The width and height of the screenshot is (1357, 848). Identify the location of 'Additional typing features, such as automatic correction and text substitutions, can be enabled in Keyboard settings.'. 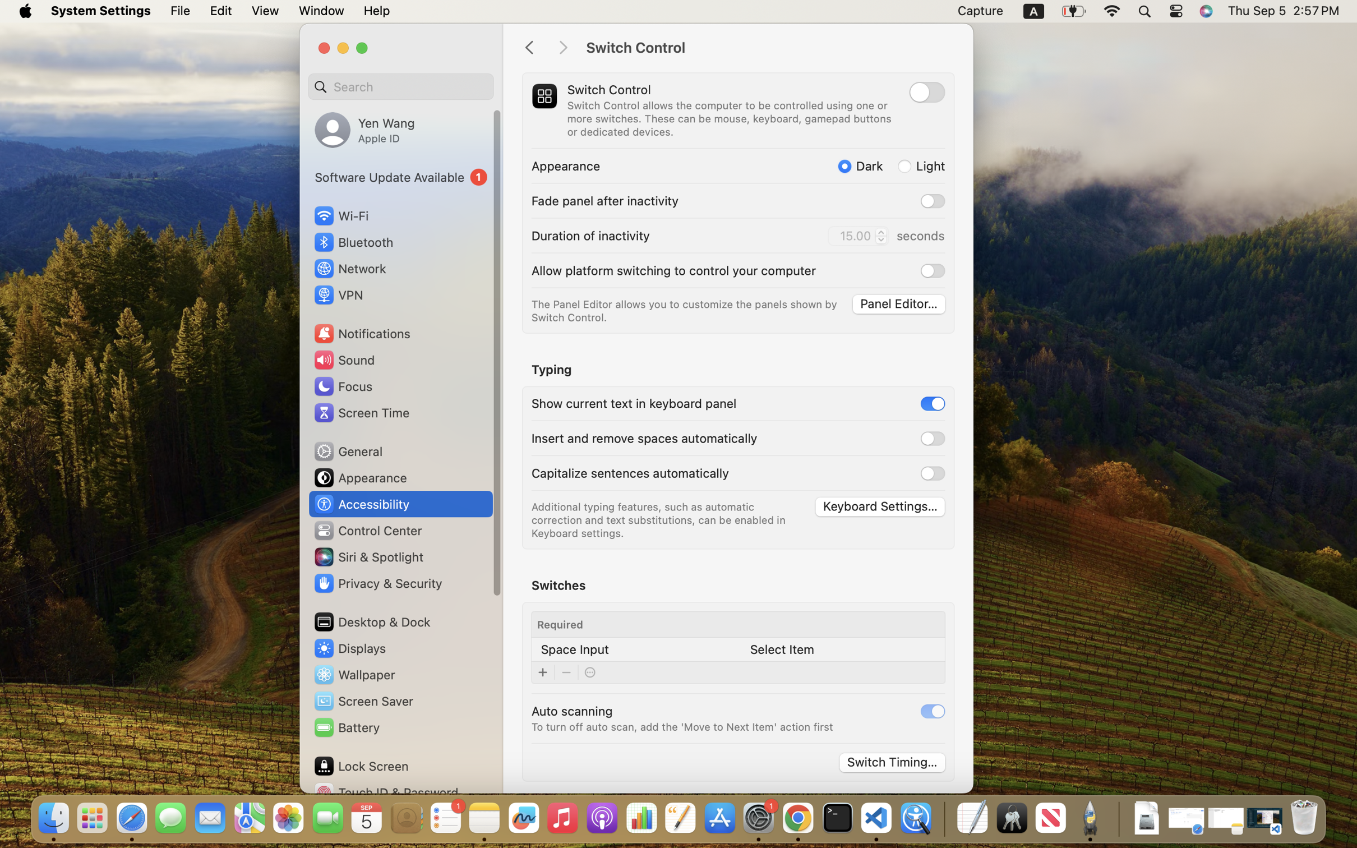
(659, 519).